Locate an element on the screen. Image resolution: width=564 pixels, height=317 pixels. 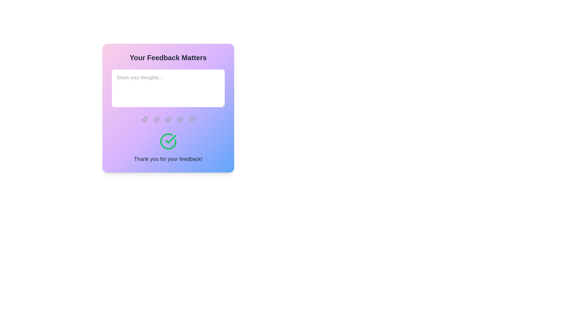
the confirmation message text label that acknowledges the receipt of user feedback, positioned below a green checkmark symbol in the feedback form layout is located at coordinates (168, 159).